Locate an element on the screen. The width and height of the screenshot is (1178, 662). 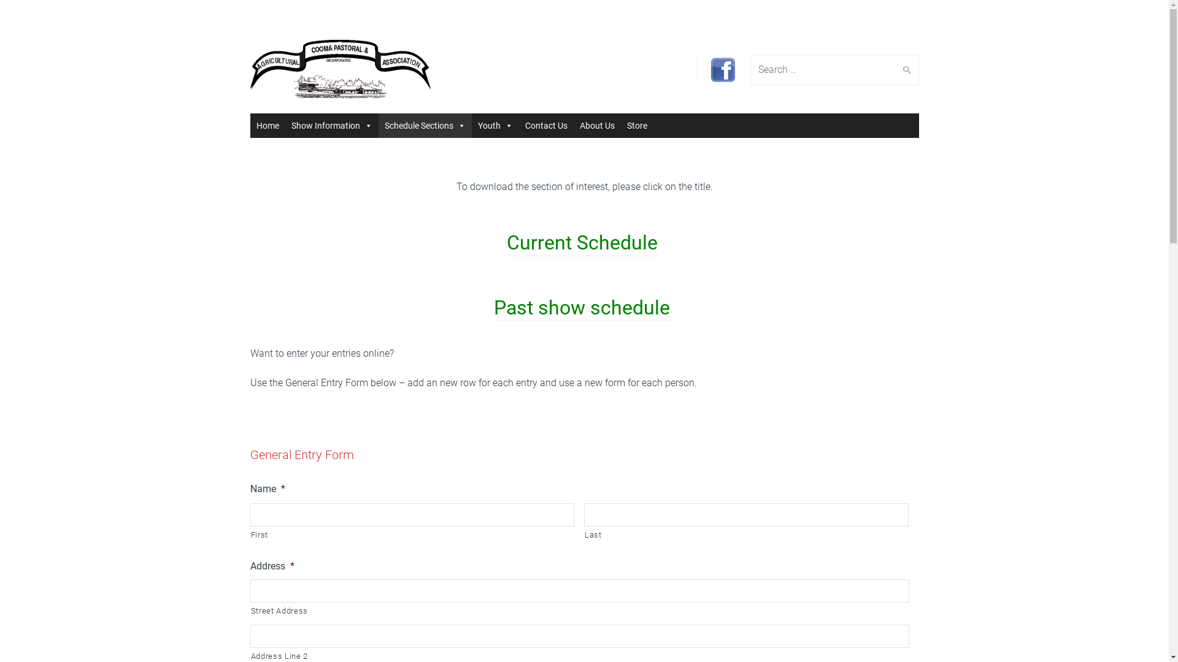
'Contact Us' is located at coordinates (518, 125).